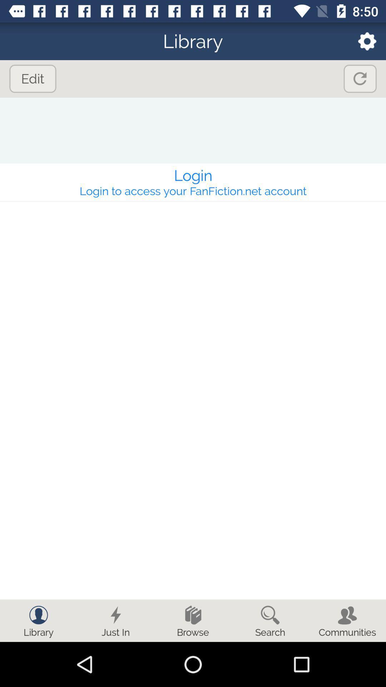  Describe the element at coordinates (193, 191) in the screenshot. I see `login to access item` at that location.